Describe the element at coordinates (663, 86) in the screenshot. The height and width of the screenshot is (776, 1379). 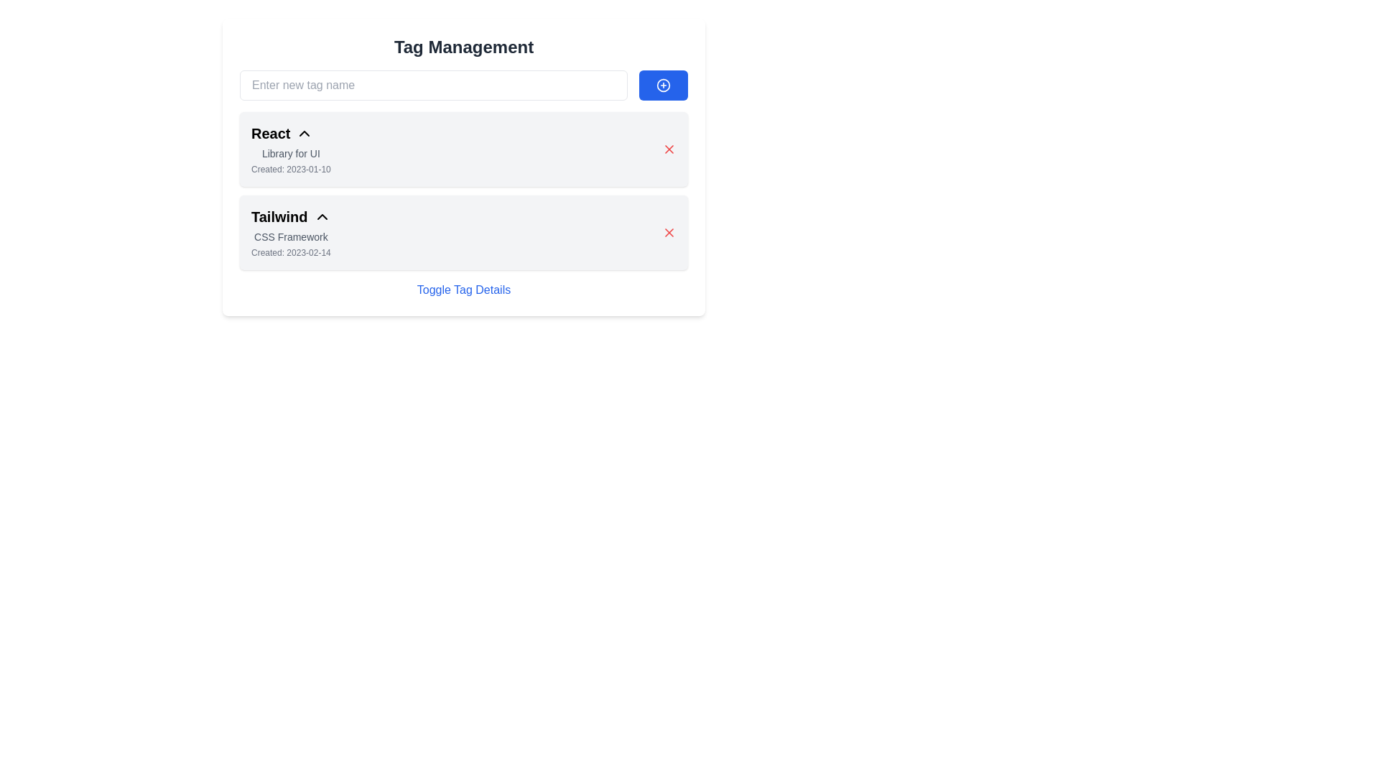
I see `the circular graphical decoration (white circle) that forms the outer boundary of the plus icon, located in the Tag Management interface to the right of the 'Enter new tag name' text input field` at that location.